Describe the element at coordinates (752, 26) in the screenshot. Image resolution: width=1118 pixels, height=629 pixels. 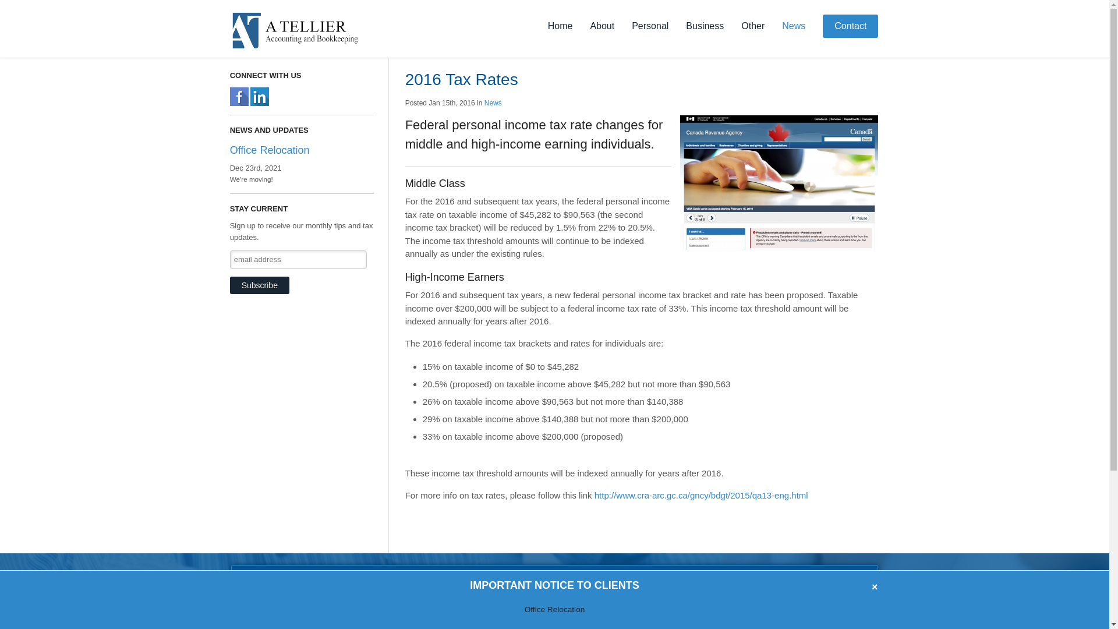
I see `'Other'` at that location.